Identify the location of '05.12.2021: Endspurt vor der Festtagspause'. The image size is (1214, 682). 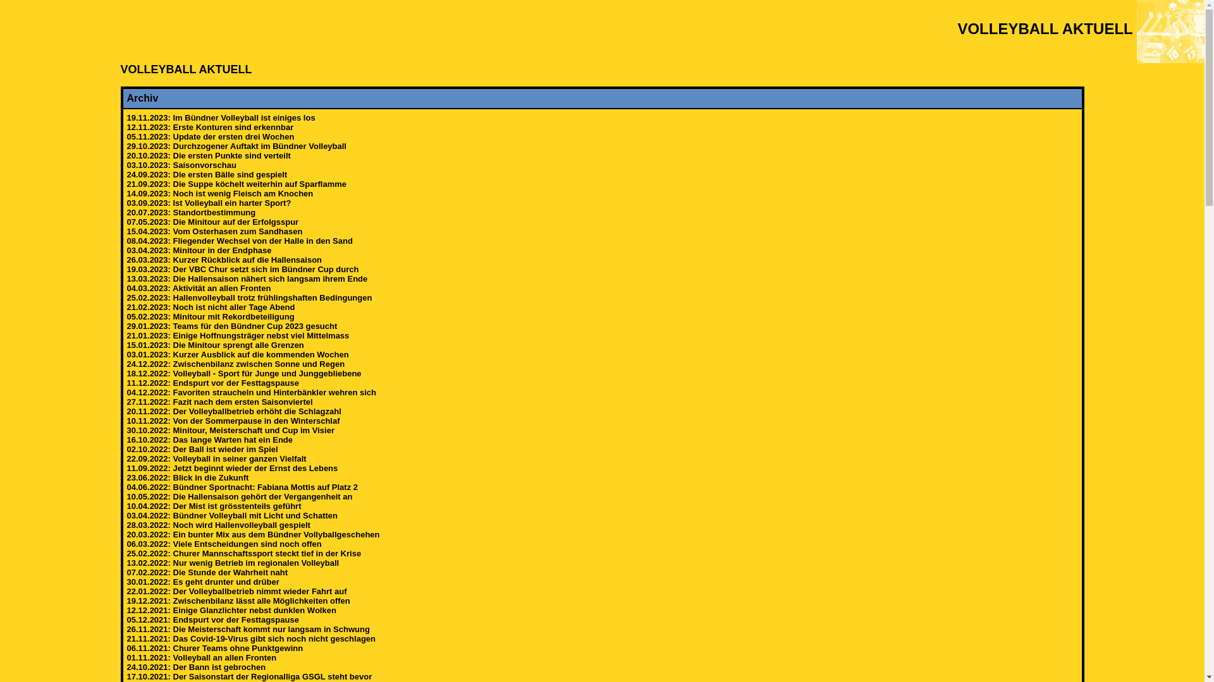
(212, 619).